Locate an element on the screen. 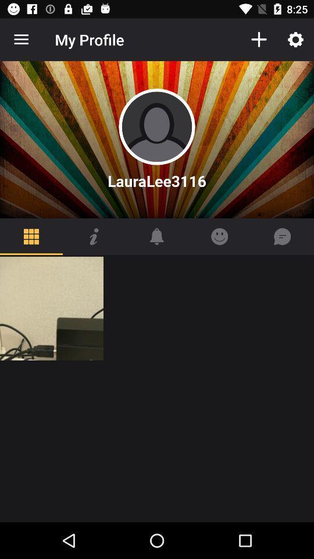 This screenshot has width=314, height=559. the icon to the right of the my profile item is located at coordinates (259, 40).